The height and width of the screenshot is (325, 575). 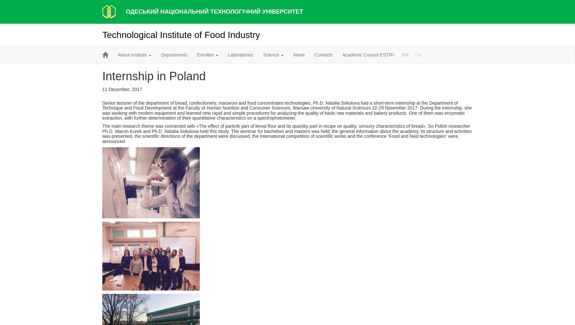 I want to click on 'The main research theme was connected with «The effect of particle part of kinoa flour and its quantity part in recipe on quality, sensory characteristics of bread». So Polish researcher Ph.D. Marcin Kurek and Ph.D. Natalia Sokolova held this study. The seminar for bachelors and masters was held, the general information about the academy, its structure and activities was presented, the scientific directions of the department were discussed, the International competition of scientific works and the conference “Food and feed technologies” were announced.', so click(x=287, y=134).